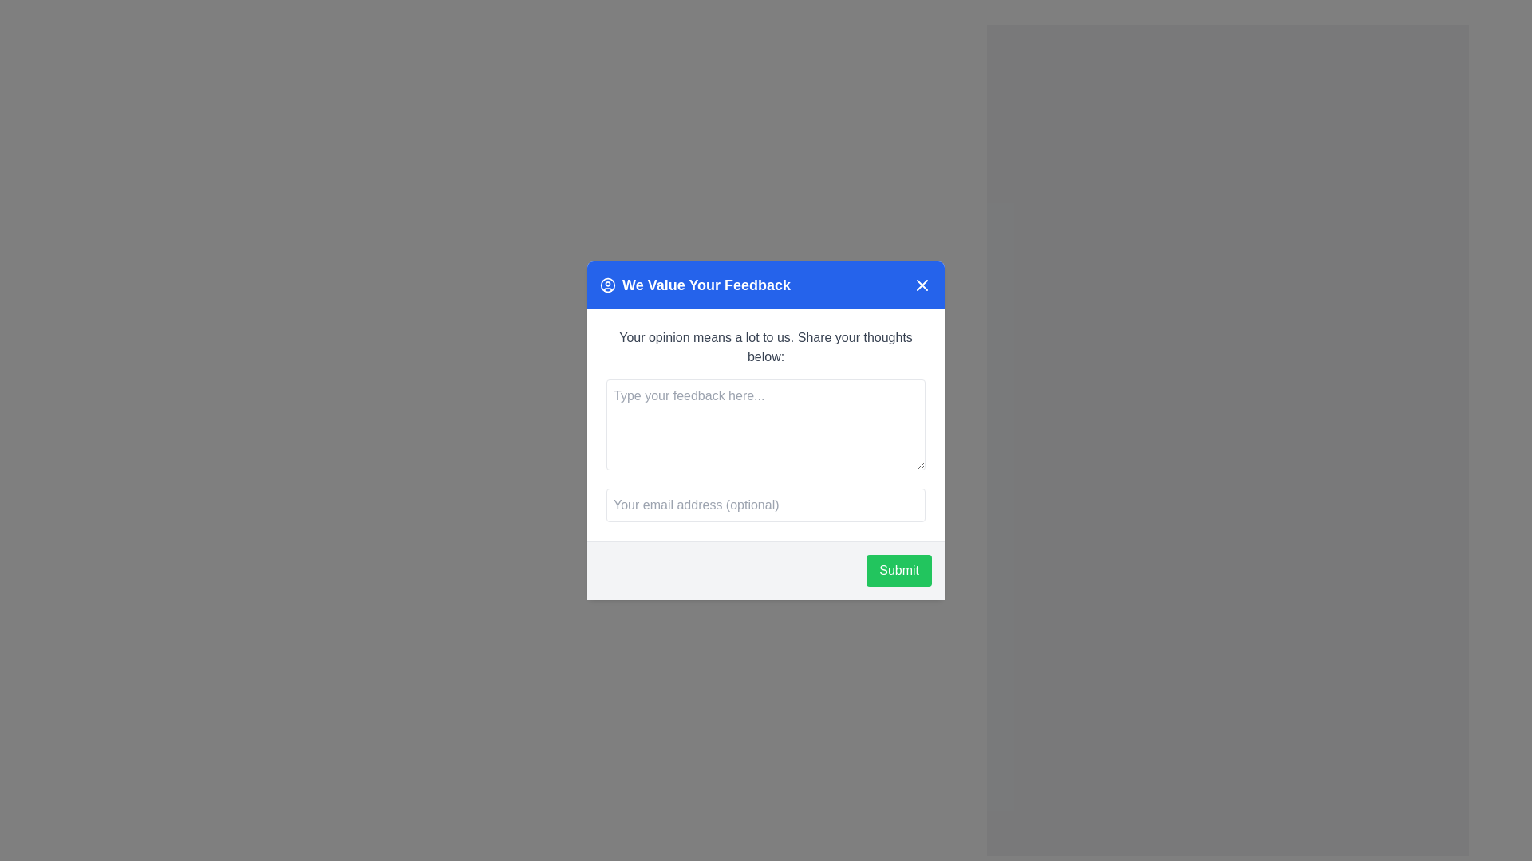 The image size is (1532, 861). I want to click on the close button located in the top-right corner of the blue header bar titled 'We Value Your Feedback' to observe any hover effects, such as a color change, so click(922, 285).